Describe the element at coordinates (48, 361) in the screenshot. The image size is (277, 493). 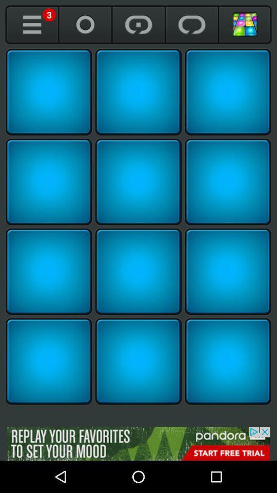
I see `row 4 left loop` at that location.